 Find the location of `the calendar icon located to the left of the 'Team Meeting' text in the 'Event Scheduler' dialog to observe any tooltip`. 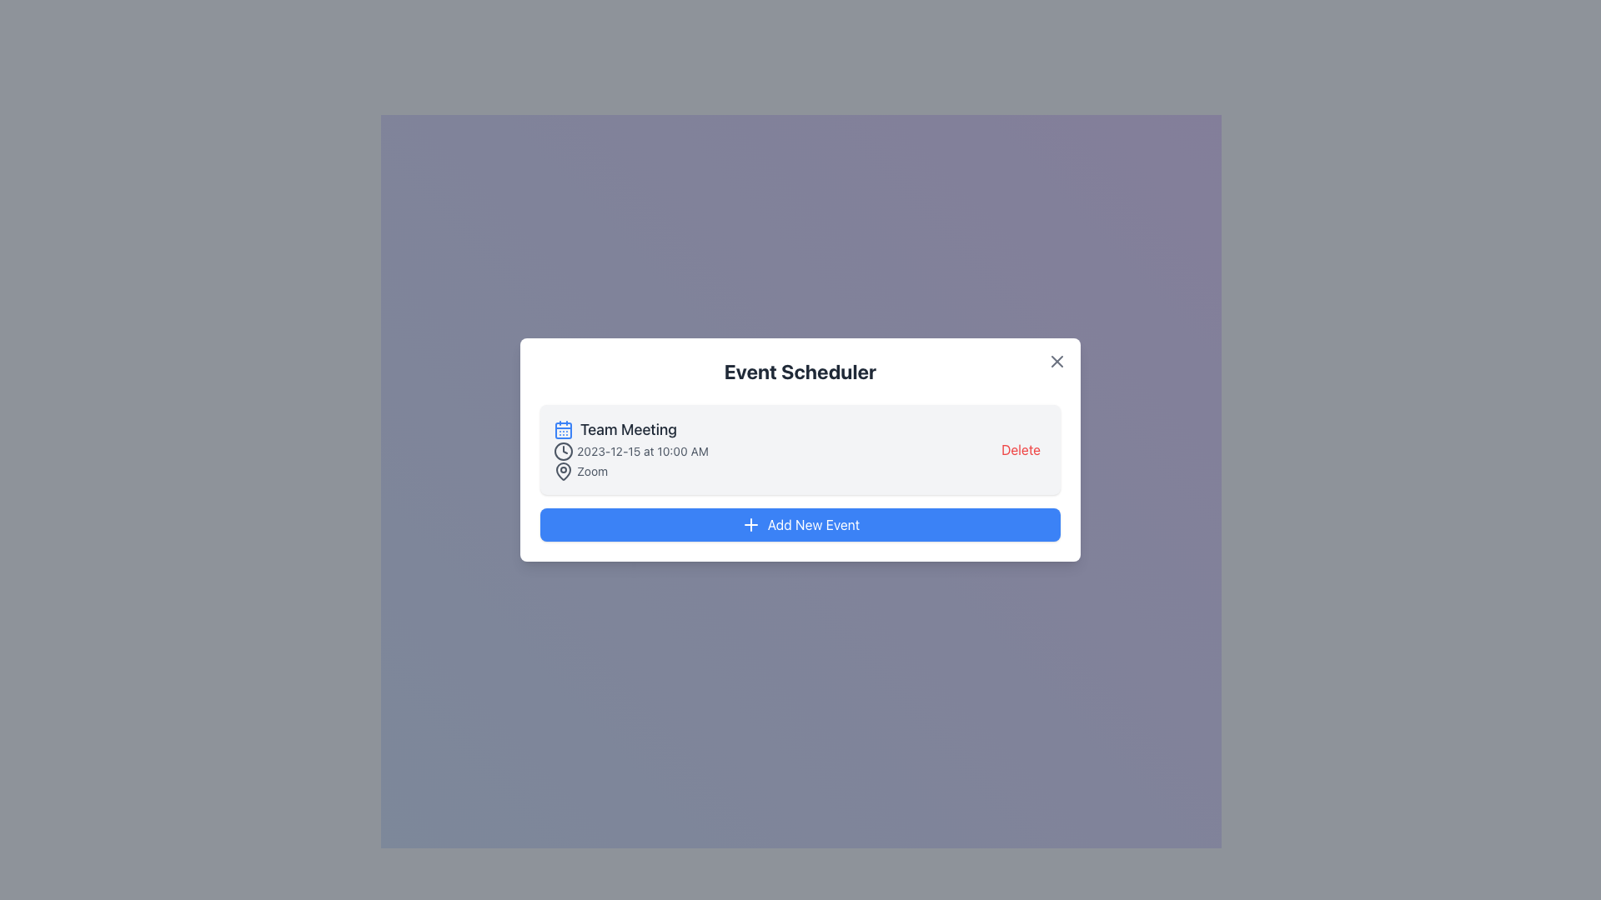

the calendar icon located to the left of the 'Team Meeting' text in the 'Event Scheduler' dialog to observe any tooltip is located at coordinates (564, 429).